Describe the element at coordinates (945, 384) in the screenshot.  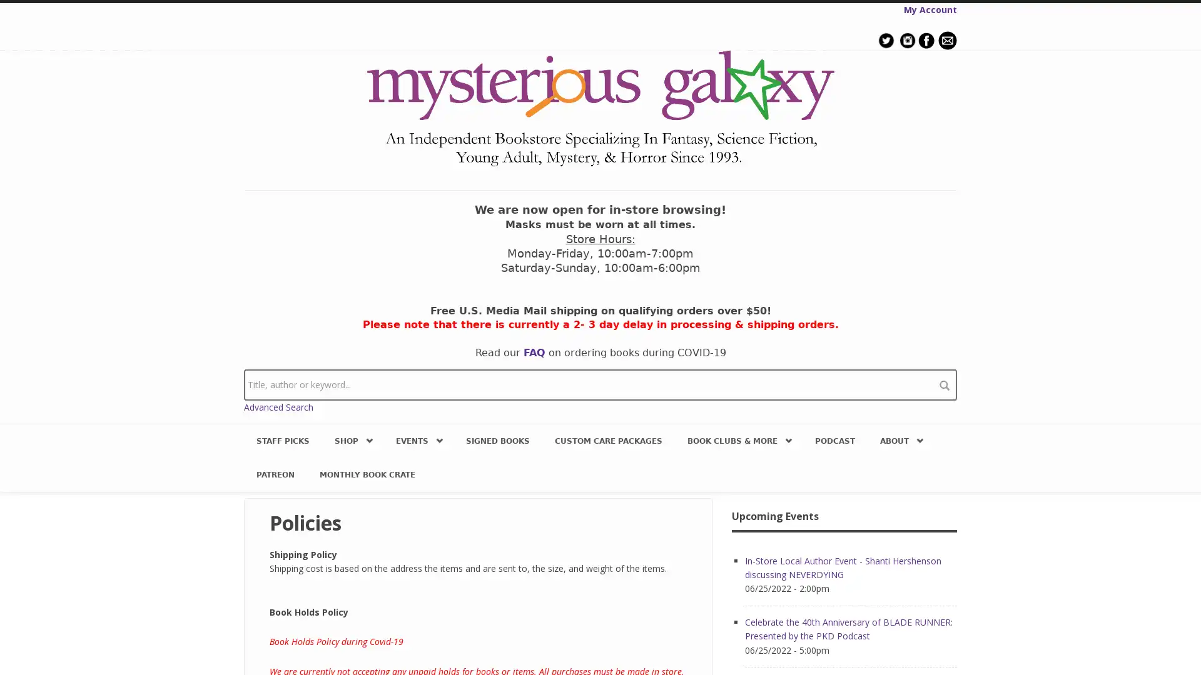
I see `search` at that location.